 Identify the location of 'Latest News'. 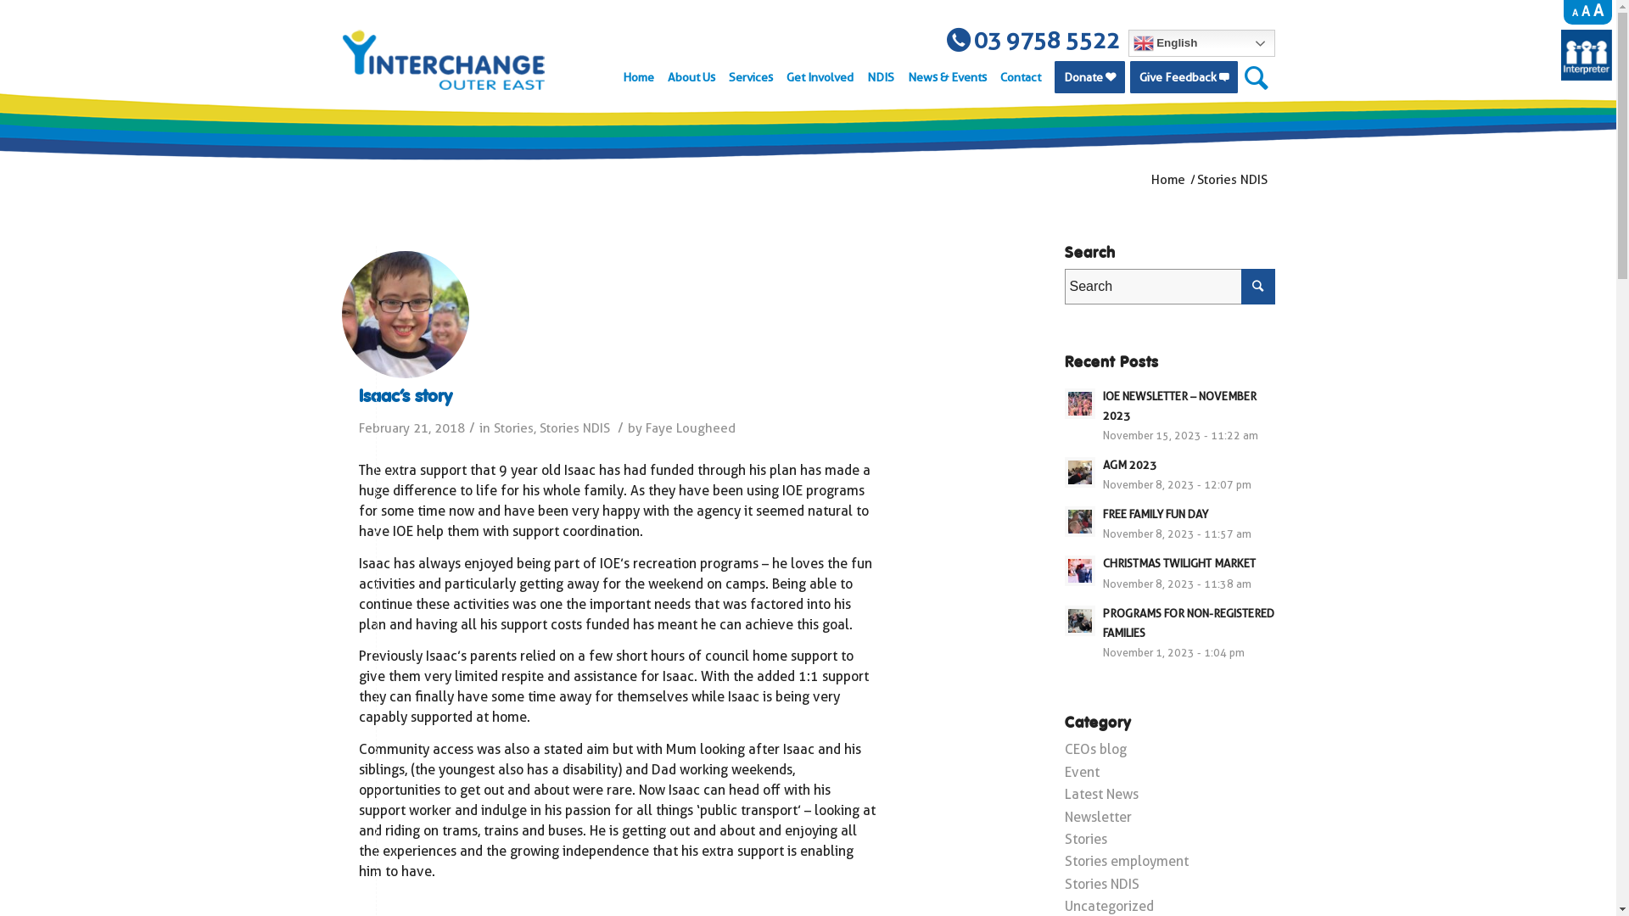
(1100, 794).